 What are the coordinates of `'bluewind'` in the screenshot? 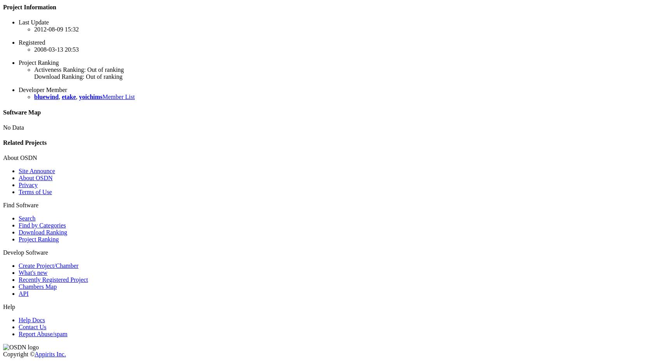 It's located at (46, 97).